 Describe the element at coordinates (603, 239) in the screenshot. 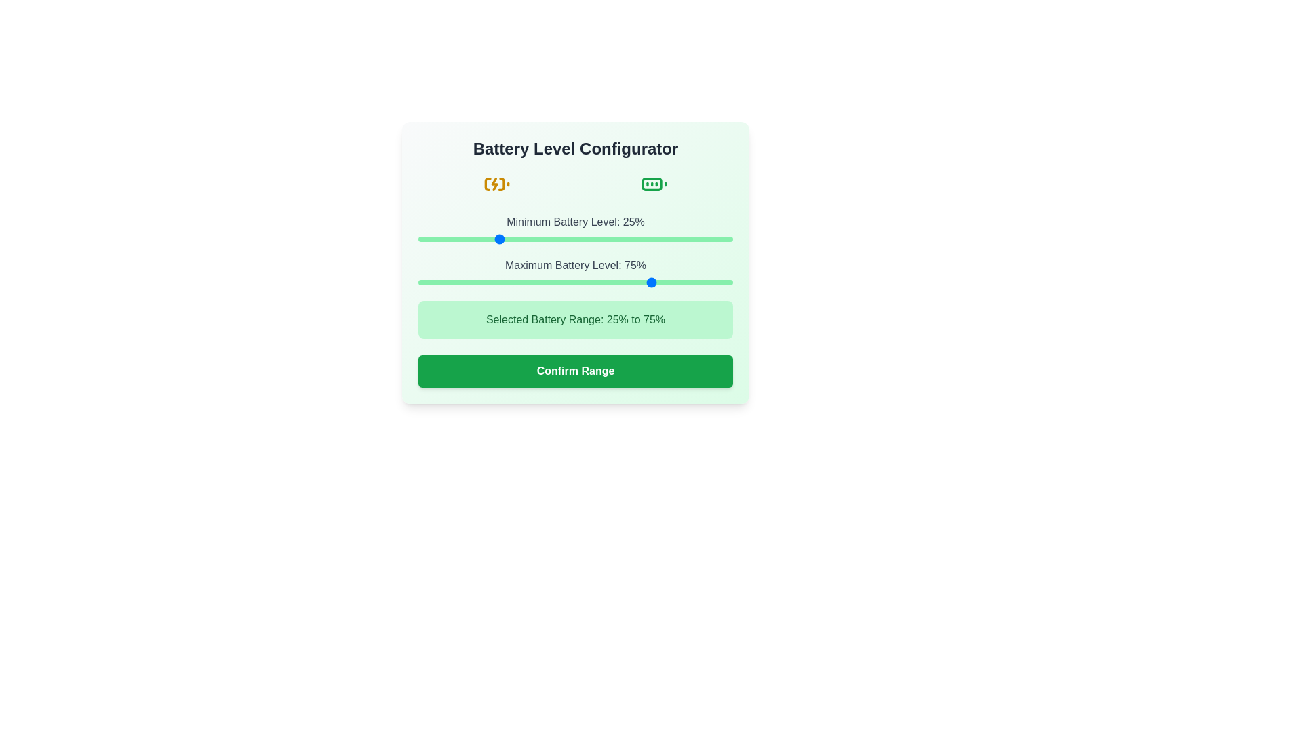

I see `the minimum battery level` at that location.